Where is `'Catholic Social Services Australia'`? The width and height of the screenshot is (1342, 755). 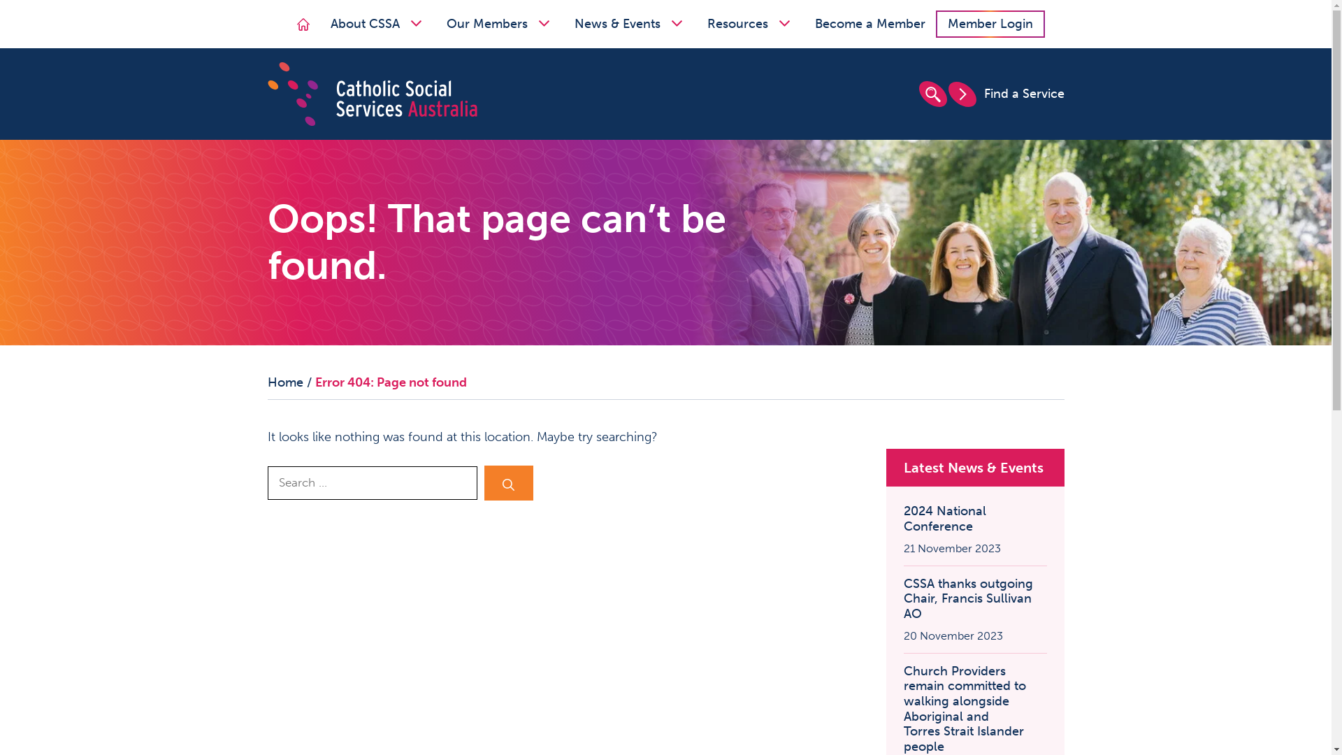
'Catholic Social Services Australia' is located at coordinates (372, 94).